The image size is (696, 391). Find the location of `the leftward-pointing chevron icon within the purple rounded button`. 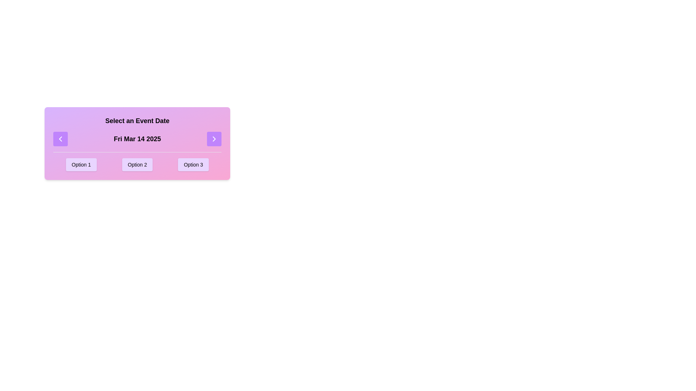

the leftward-pointing chevron icon within the purple rounded button is located at coordinates (61, 139).